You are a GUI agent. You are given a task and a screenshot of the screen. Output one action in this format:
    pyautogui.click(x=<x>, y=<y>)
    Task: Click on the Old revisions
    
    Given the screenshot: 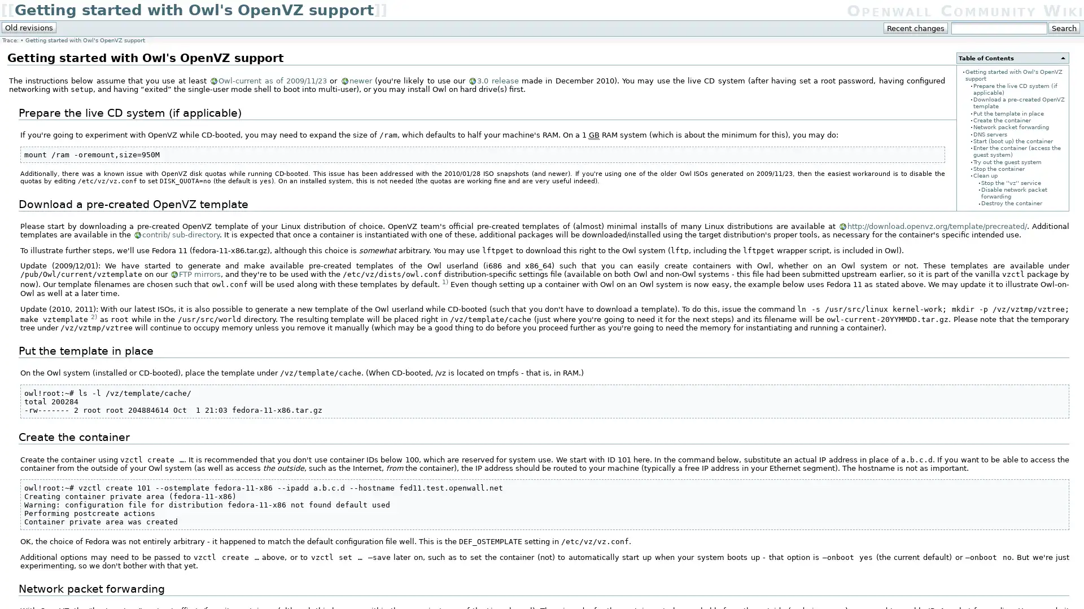 What is the action you would take?
    pyautogui.click(x=29, y=27)
    